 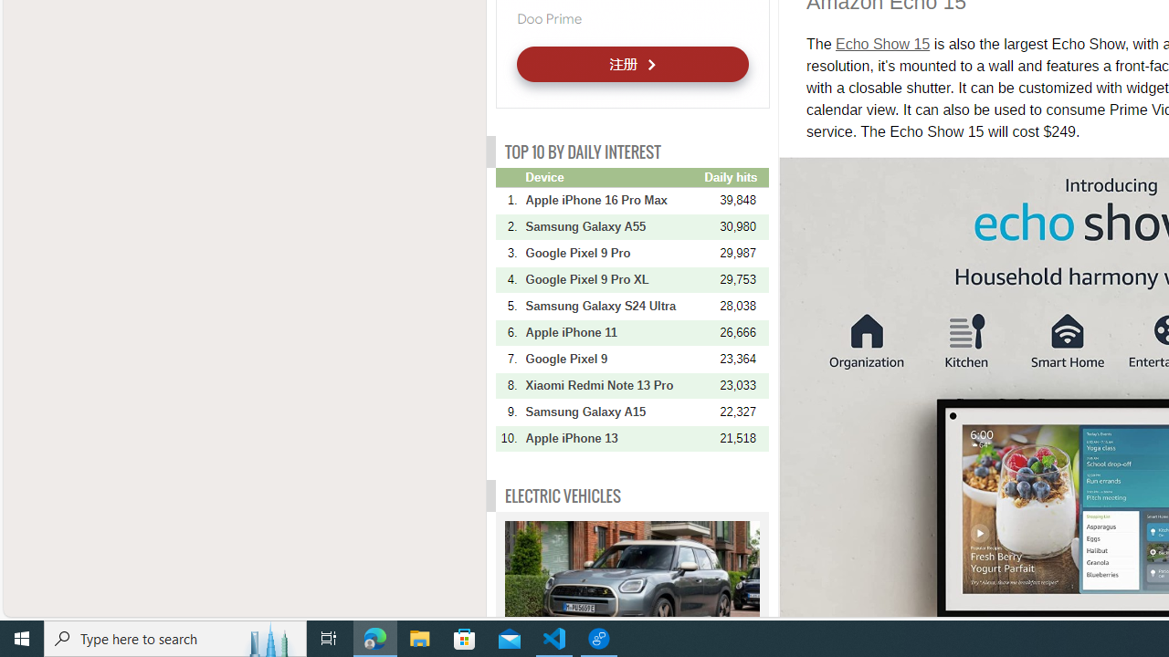 What do you see at coordinates (613, 412) in the screenshot?
I see `'Samsung Galaxy A15'` at bounding box center [613, 412].